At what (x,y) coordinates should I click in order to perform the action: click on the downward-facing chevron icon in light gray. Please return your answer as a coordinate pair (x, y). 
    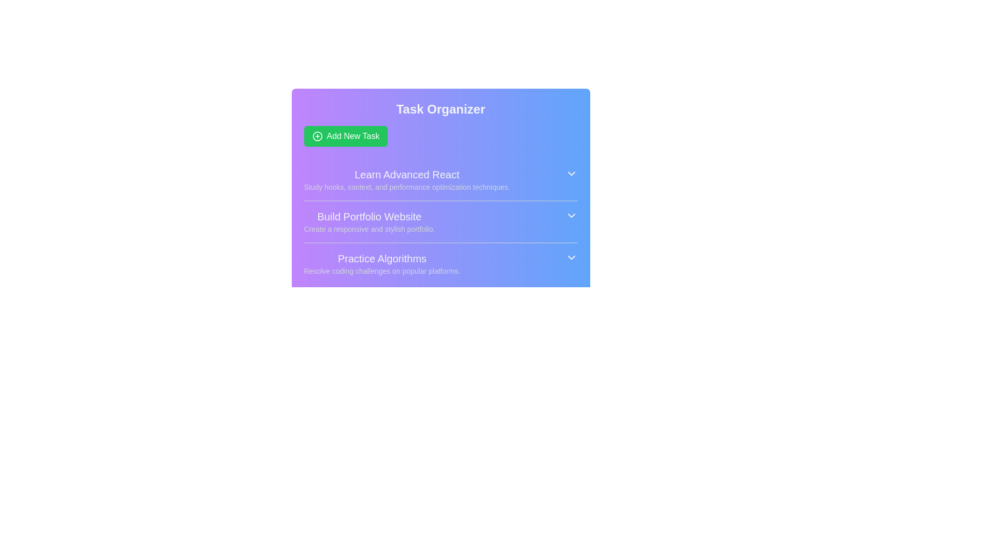
    Looking at the image, I should click on (571, 257).